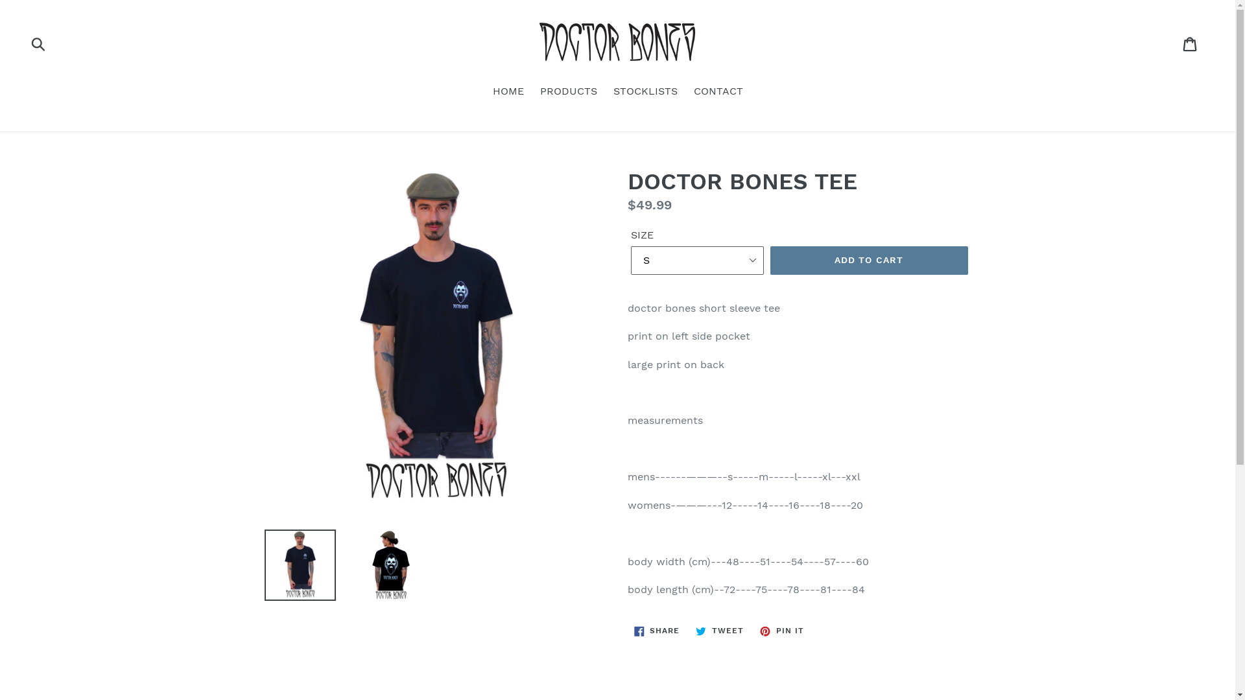  I want to click on 'HOME', so click(507, 91).